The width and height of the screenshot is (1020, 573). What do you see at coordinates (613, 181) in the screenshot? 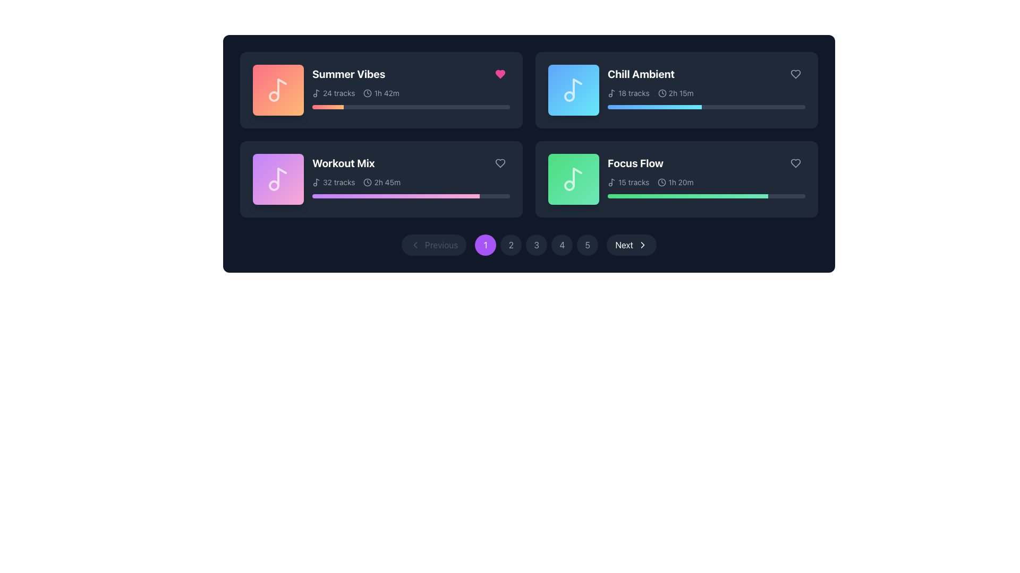
I see `the thin vertical line representing the stem of the musical note icon located in the center of the small green image area on the right-hand side of the second row in the grid structure` at bounding box center [613, 181].